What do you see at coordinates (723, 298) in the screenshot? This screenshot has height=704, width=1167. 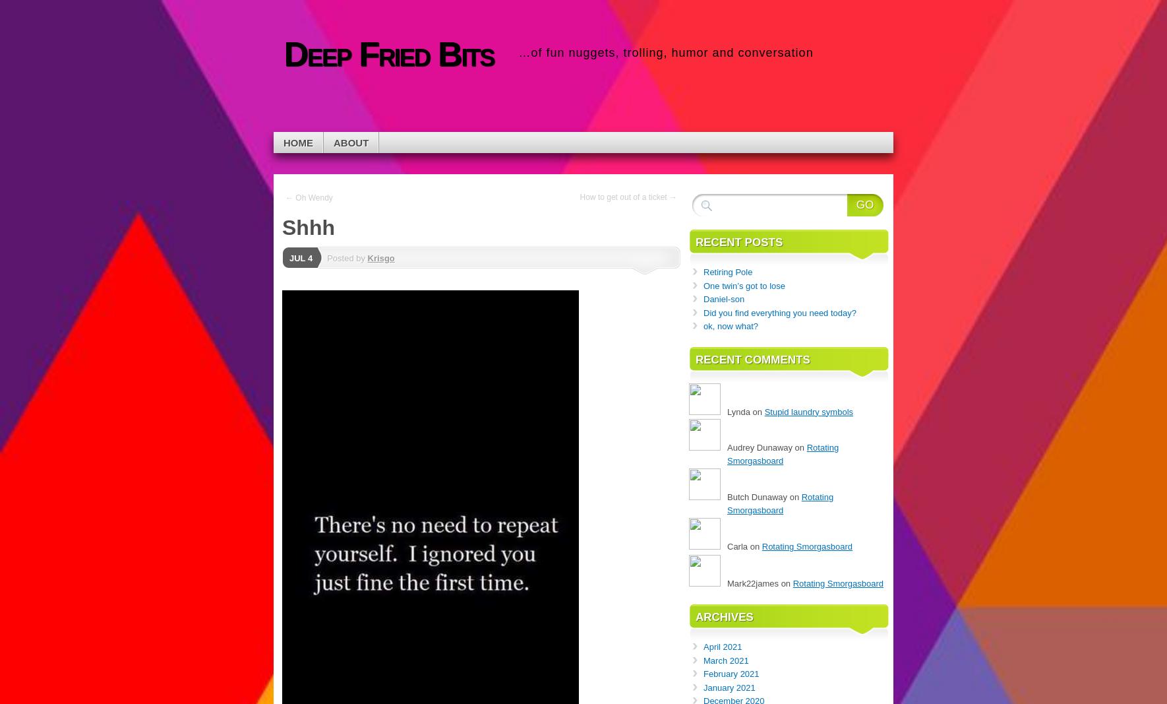 I see `'Daniel-son'` at bounding box center [723, 298].